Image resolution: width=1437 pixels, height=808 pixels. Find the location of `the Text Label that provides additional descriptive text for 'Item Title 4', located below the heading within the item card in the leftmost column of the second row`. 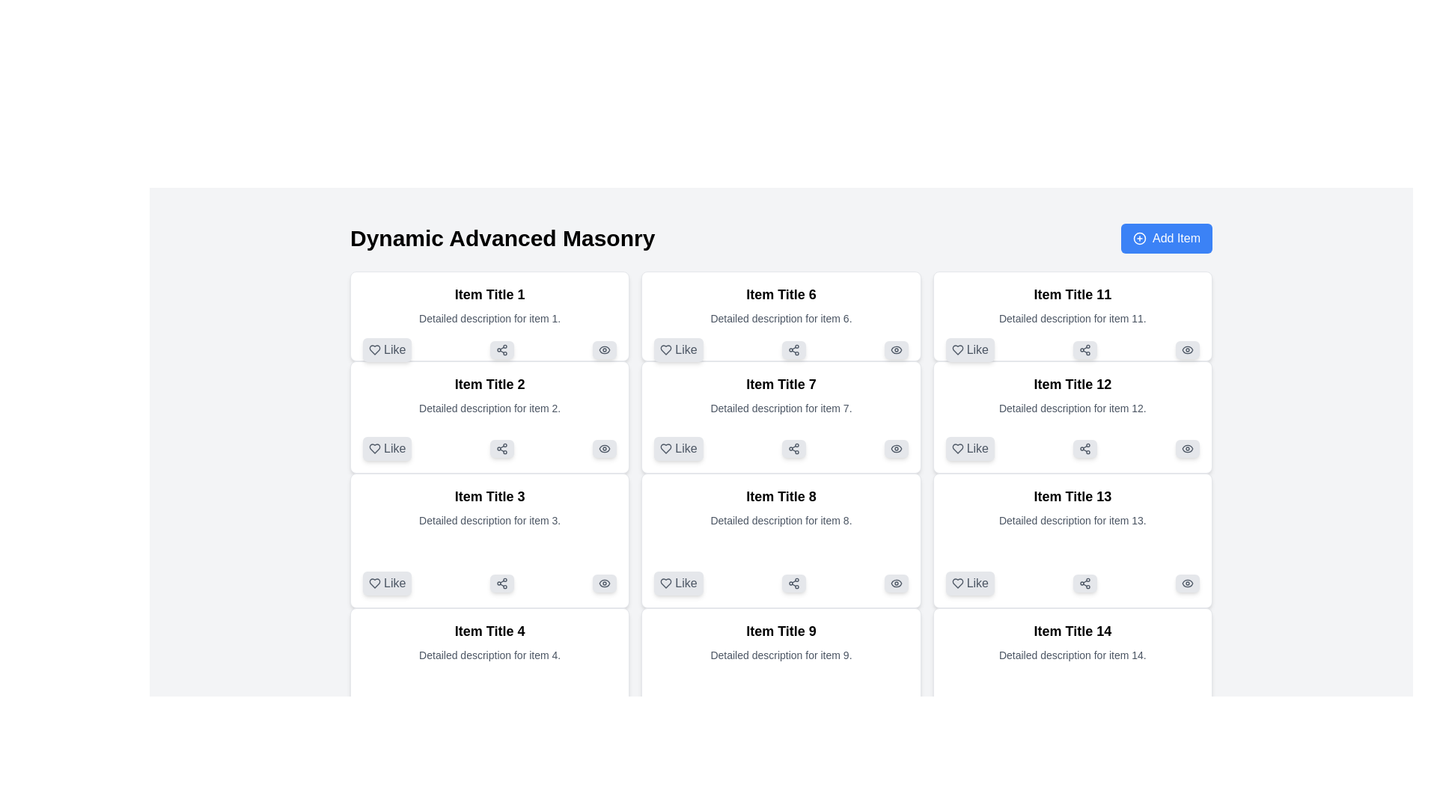

the Text Label that provides additional descriptive text for 'Item Title 4', located below the heading within the item card in the leftmost column of the second row is located at coordinates (489, 654).